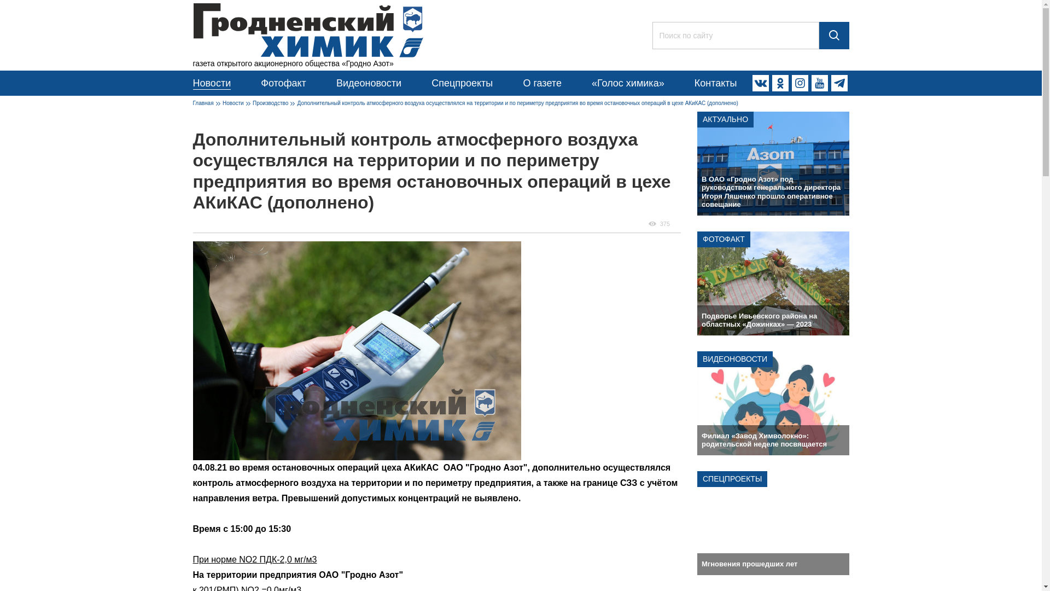 The image size is (1050, 591). What do you see at coordinates (357, 350) in the screenshot?
I see `'e0c8ae719e7aac23c6ecacb5747f9b8a3b7702be_big.jpg'` at bounding box center [357, 350].